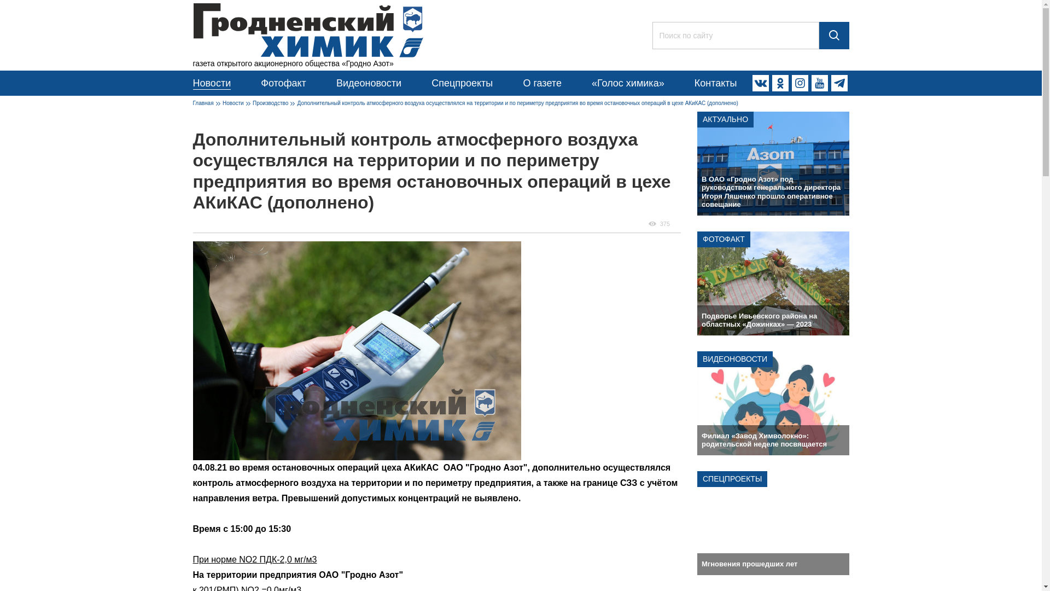 The image size is (1050, 591). What do you see at coordinates (357, 350) in the screenshot?
I see `'e0c8ae719e7aac23c6ecacb5747f9b8a3b7702be_big.jpg'` at bounding box center [357, 350].